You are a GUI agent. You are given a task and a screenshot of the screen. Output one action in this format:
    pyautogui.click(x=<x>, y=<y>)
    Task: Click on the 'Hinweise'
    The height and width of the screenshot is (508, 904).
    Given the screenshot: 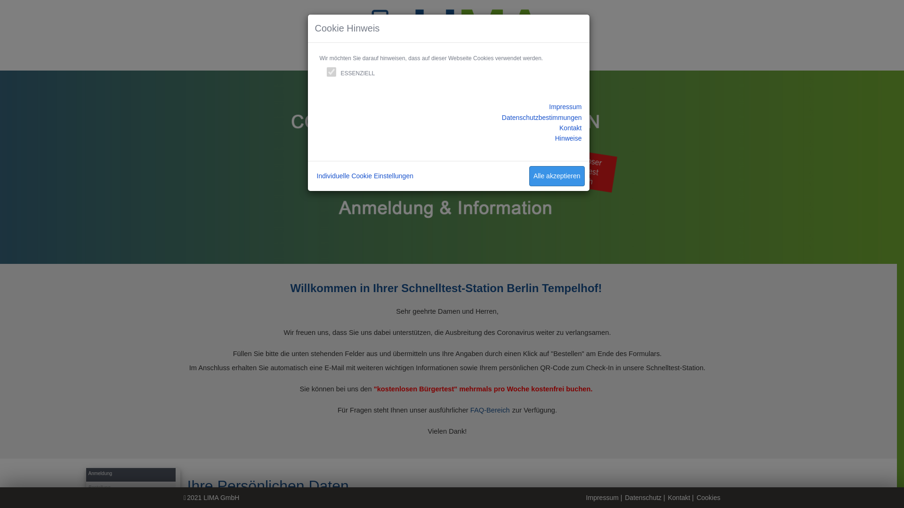 What is the action you would take?
    pyautogui.click(x=568, y=138)
    